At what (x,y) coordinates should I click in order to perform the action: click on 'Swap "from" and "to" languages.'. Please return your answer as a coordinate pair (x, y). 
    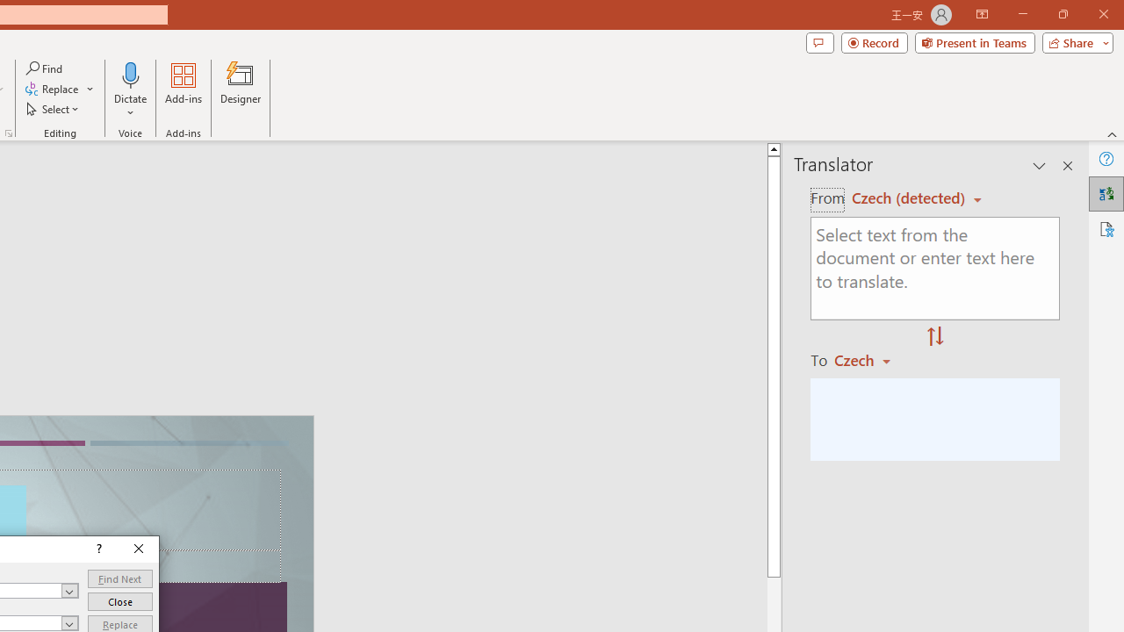
    Looking at the image, I should click on (934, 337).